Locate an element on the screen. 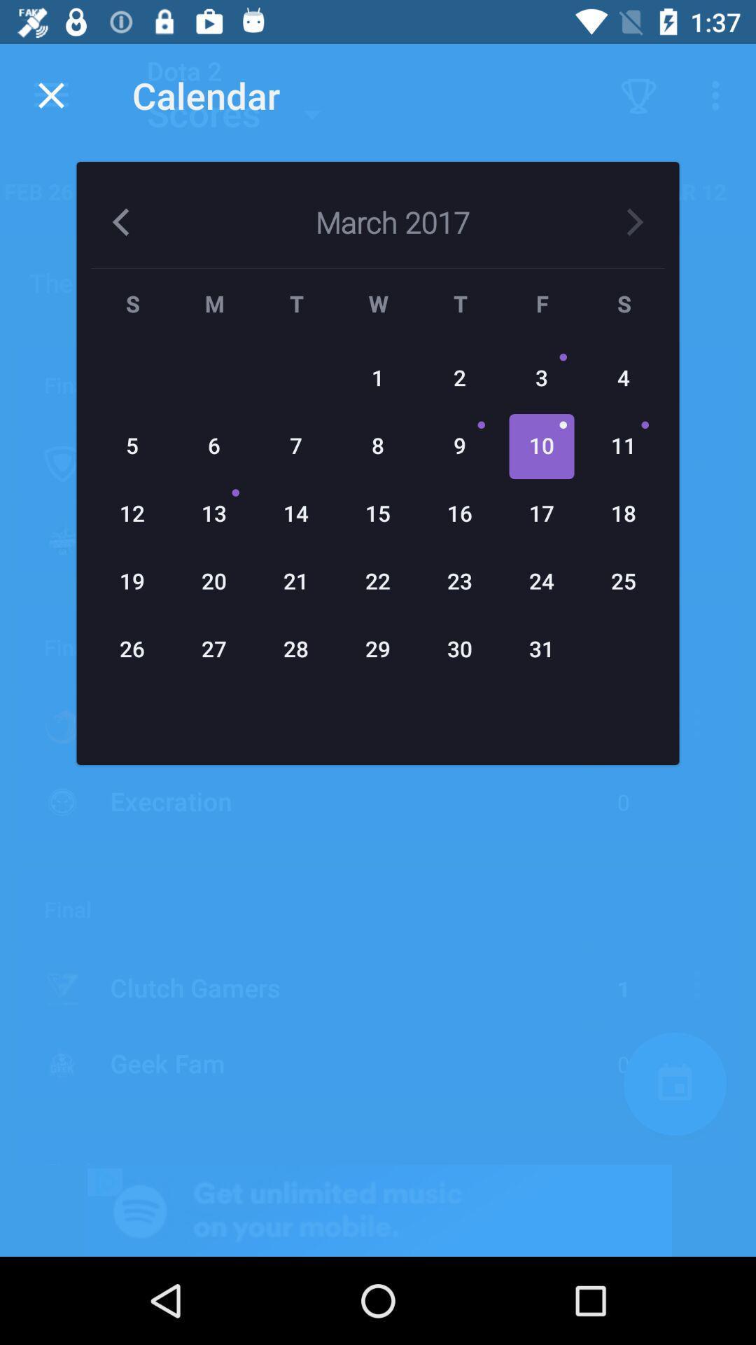 The height and width of the screenshot is (1345, 756). close is located at coordinates (50, 95).